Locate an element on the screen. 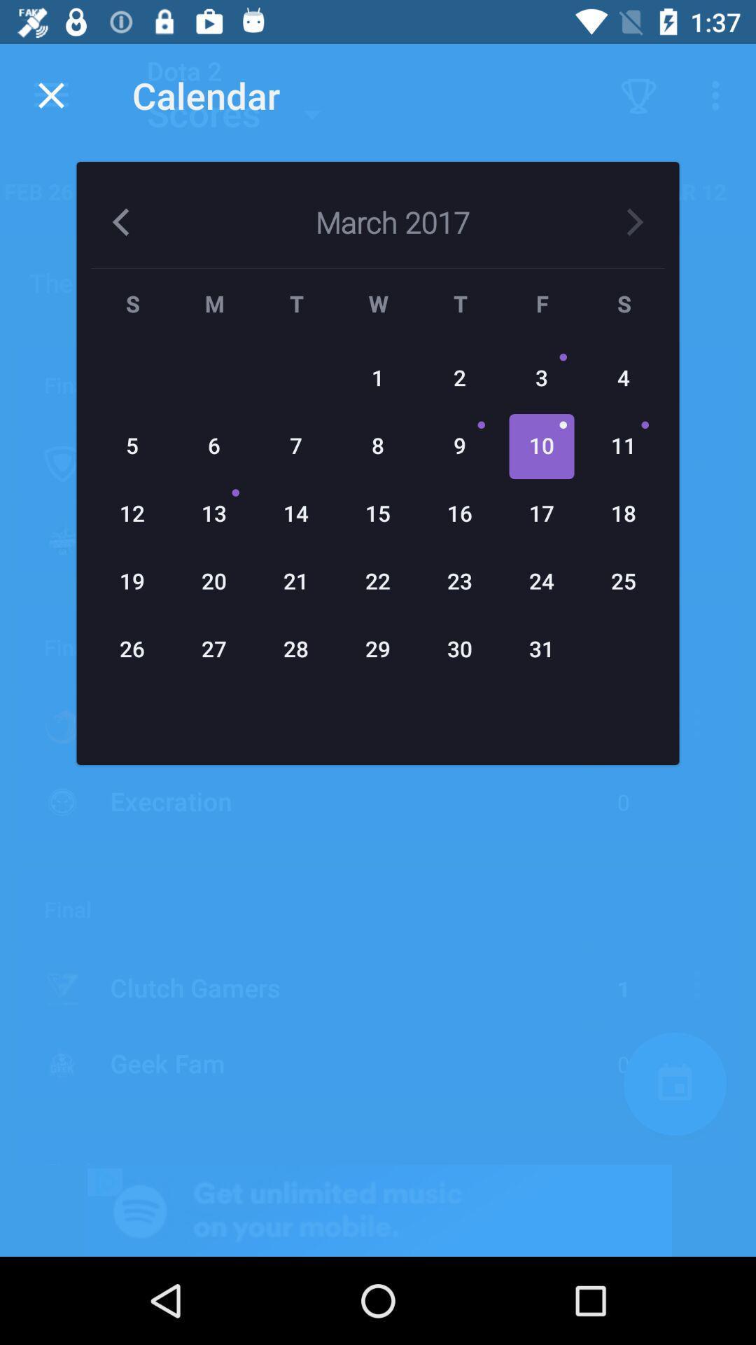 The height and width of the screenshot is (1345, 756). close is located at coordinates (50, 95).